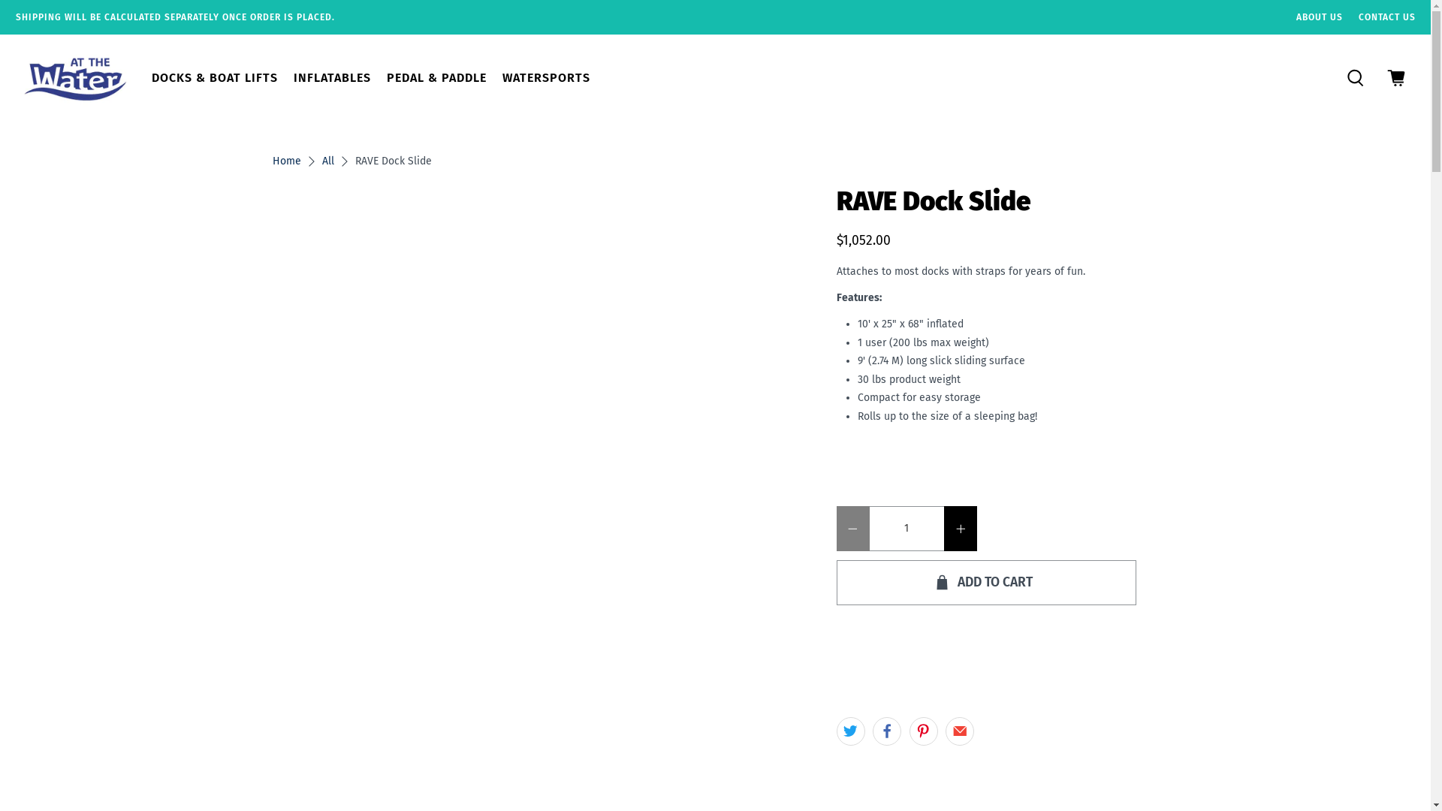 The image size is (1442, 811). Describe the element at coordinates (74, 77) in the screenshot. I see `'At The Water'` at that location.